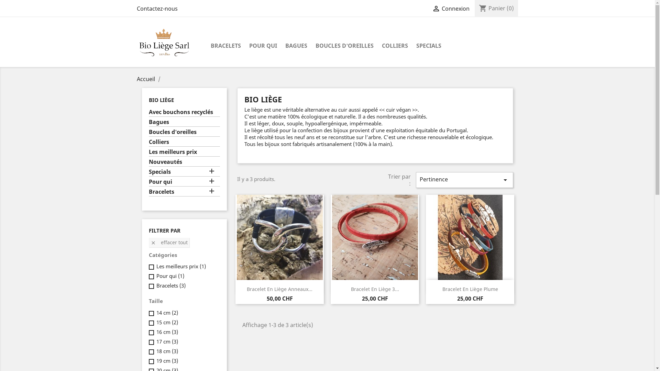  I want to click on '18 cm (3)', so click(167, 351).